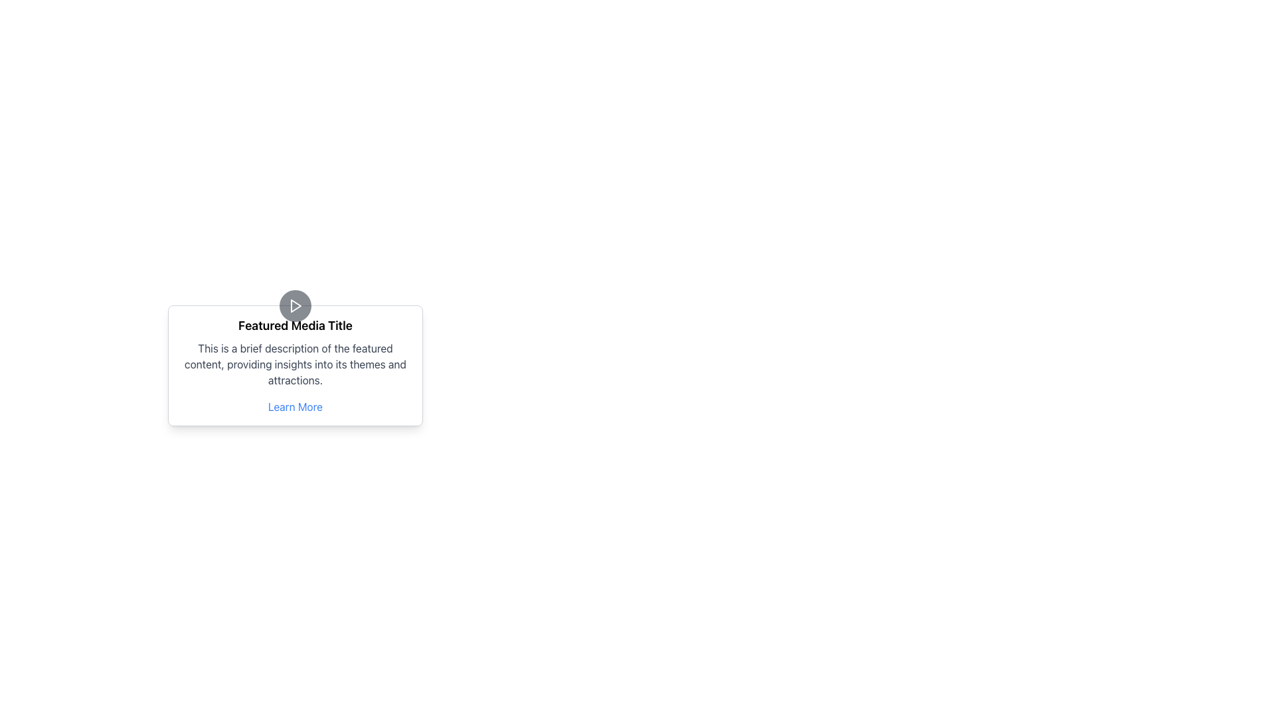 The width and height of the screenshot is (1275, 717). What do you see at coordinates (295, 364) in the screenshot?
I see `the descriptive summary text element that provides insights about the featured media, positioned below 'Featured Media Title' and above 'Learn More'` at bounding box center [295, 364].